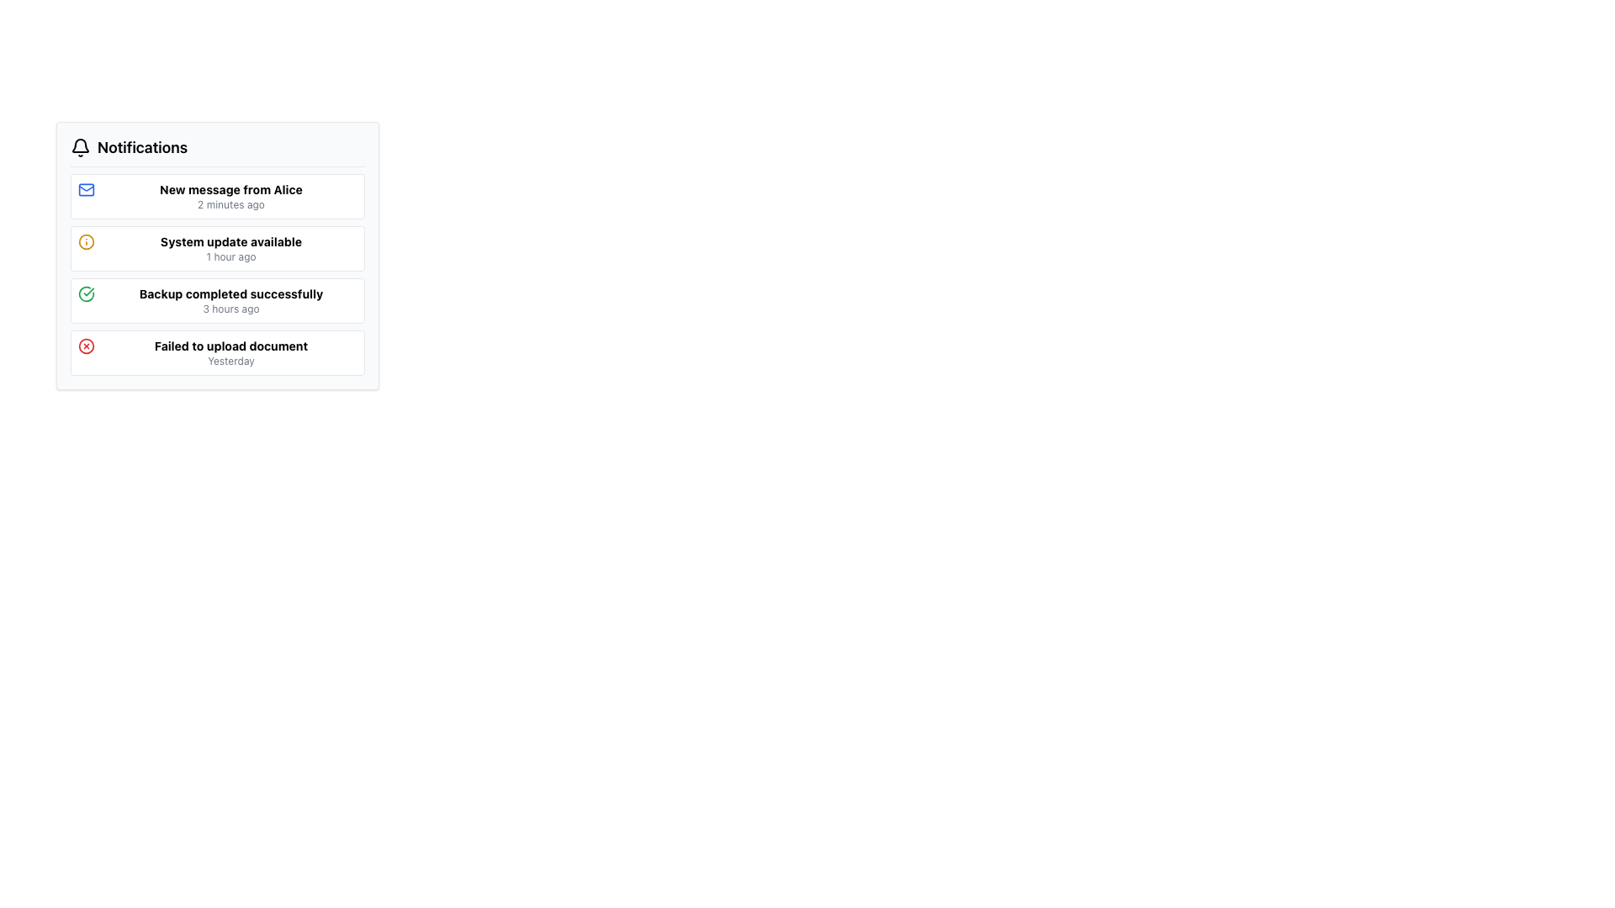 This screenshot has height=908, width=1615. I want to click on the status icon indicating the failure of document upload in the notification card labeled 'Failed to upload document', so click(85, 346).